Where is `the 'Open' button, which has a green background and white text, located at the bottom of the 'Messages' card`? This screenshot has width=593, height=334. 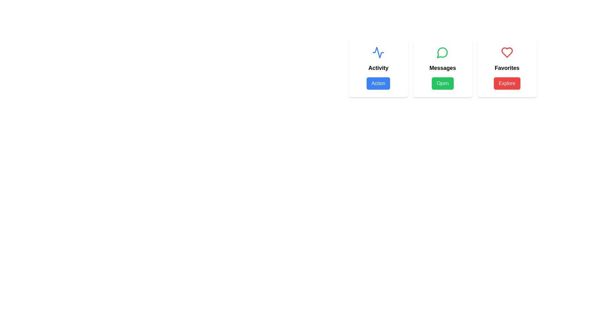
the 'Open' button, which has a green background and white text, located at the bottom of the 'Messages' card is located at coordinates (442, 83).